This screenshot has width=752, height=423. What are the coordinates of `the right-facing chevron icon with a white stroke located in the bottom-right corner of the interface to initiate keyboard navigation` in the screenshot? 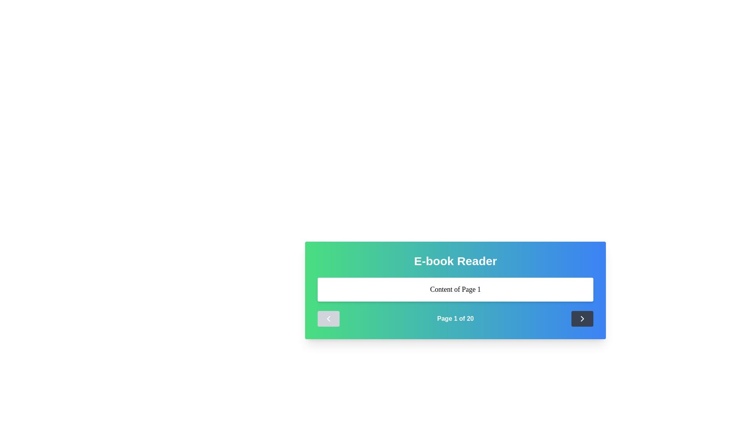 It's located at (582, 319).